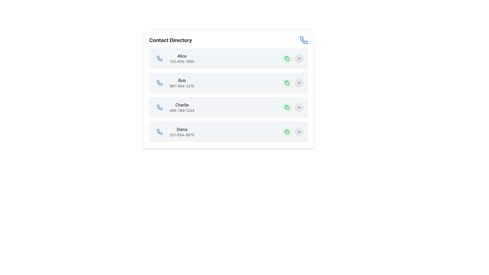 This screenshot has height=275, width=489. What do you see at coordinates (182, 131) in the screenshot?
I see `the text block displaying the contact information for 'Diana' in the directory list to copy the information` at bounding box center [182, 131].